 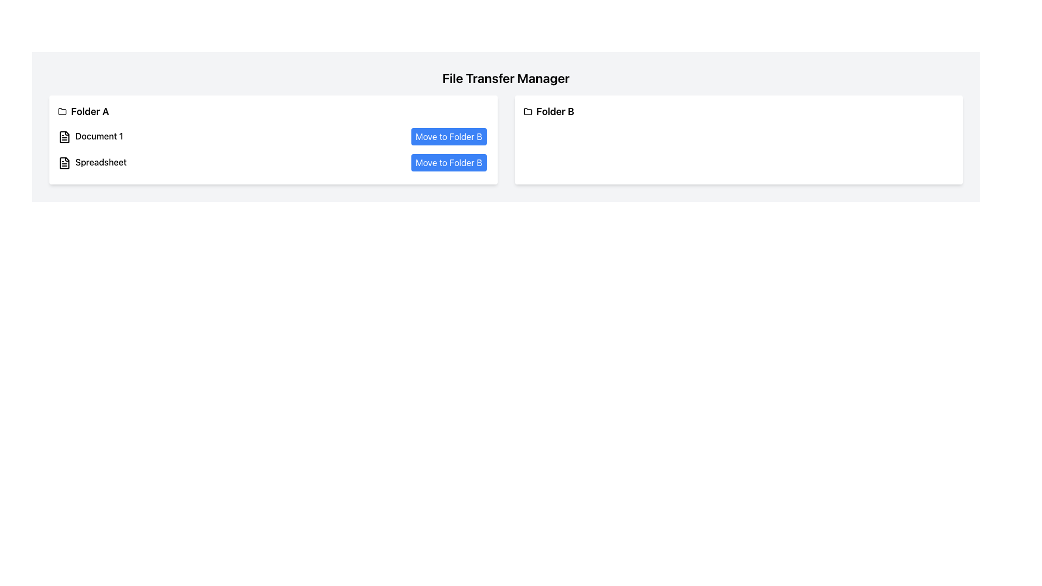 What do you see at coordinates (528, 111) in the screenshot?
I see `the decorative folder icon located in the right section of the interface, near the label 'Folder B'` at bounding box center [528, 111].